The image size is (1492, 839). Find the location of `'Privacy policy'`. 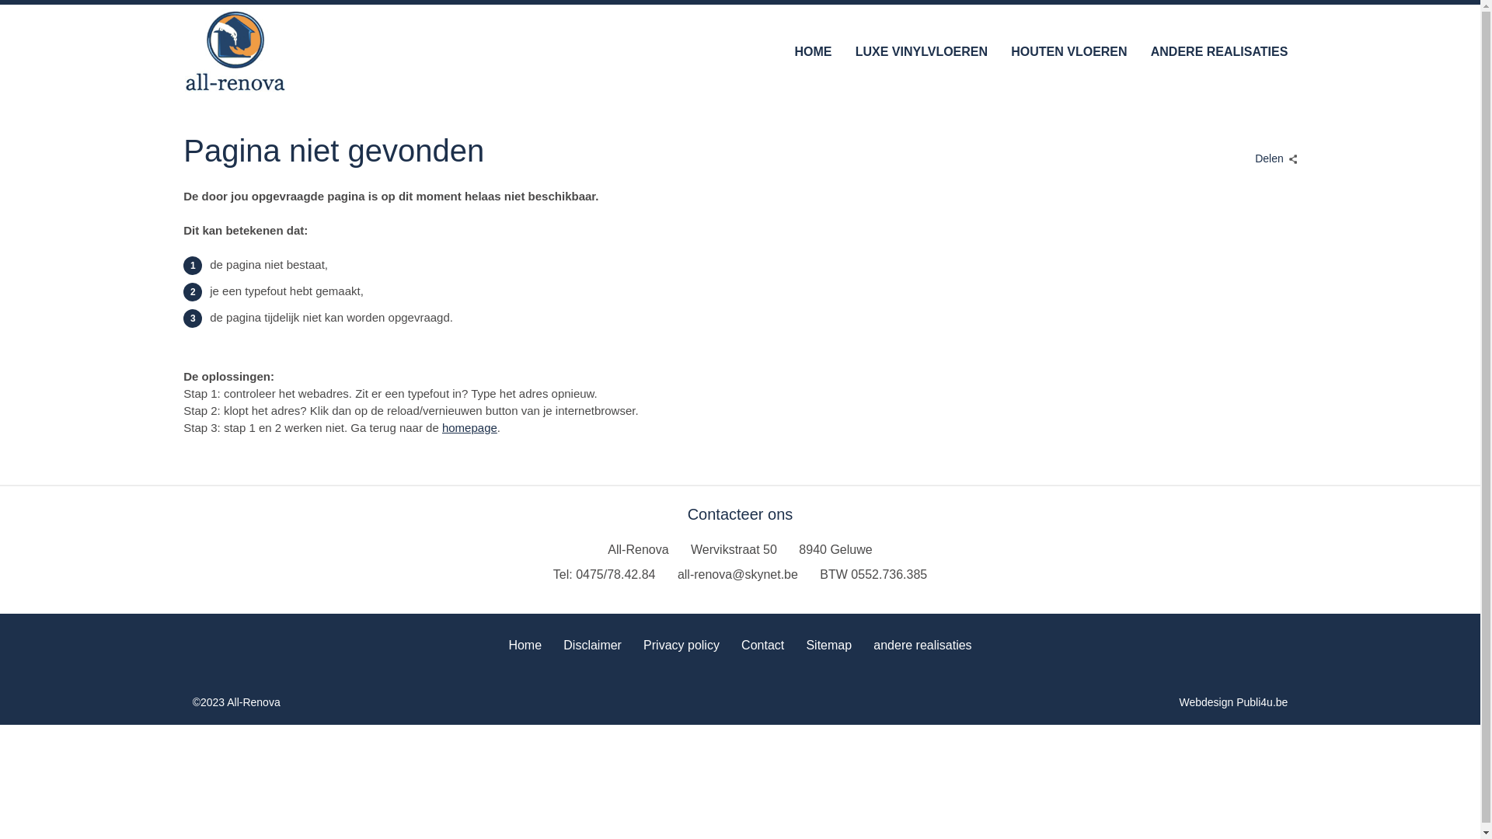

'Privacy policy' is located at coordinates (682, 642).